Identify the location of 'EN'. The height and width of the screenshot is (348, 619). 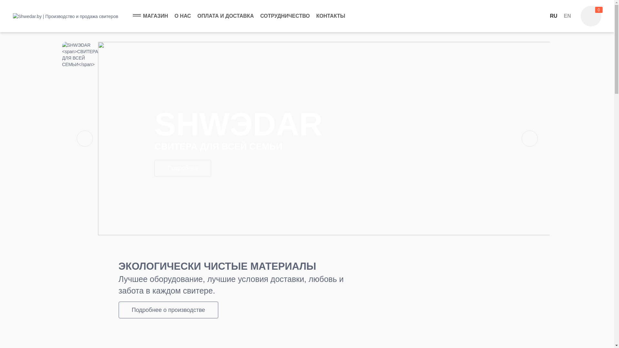
(567, 16).